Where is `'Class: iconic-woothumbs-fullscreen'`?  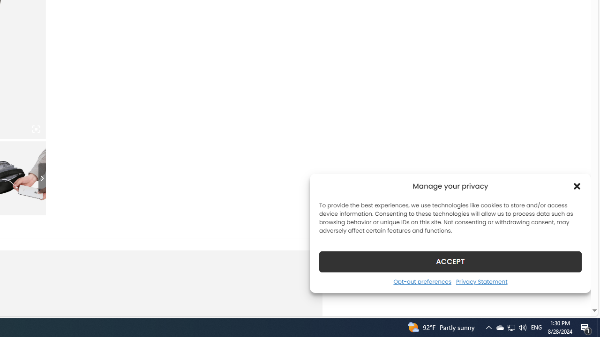 'Class: iconic-woothumbs-fullscreen' is located at coordinates (36, 129).